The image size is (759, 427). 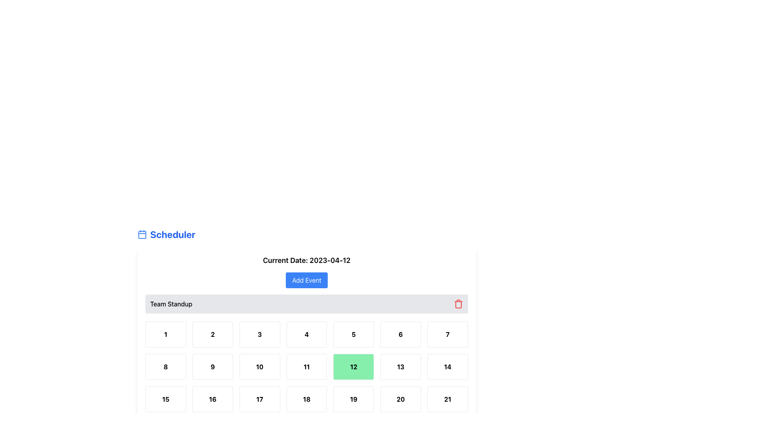 What do you see at coordinates (459, 303) in the screenshot?
I see `the red trash can icon button located in the rightmost area of the 'Team Standup' horizontal bar` at bounding box center [459, 303].